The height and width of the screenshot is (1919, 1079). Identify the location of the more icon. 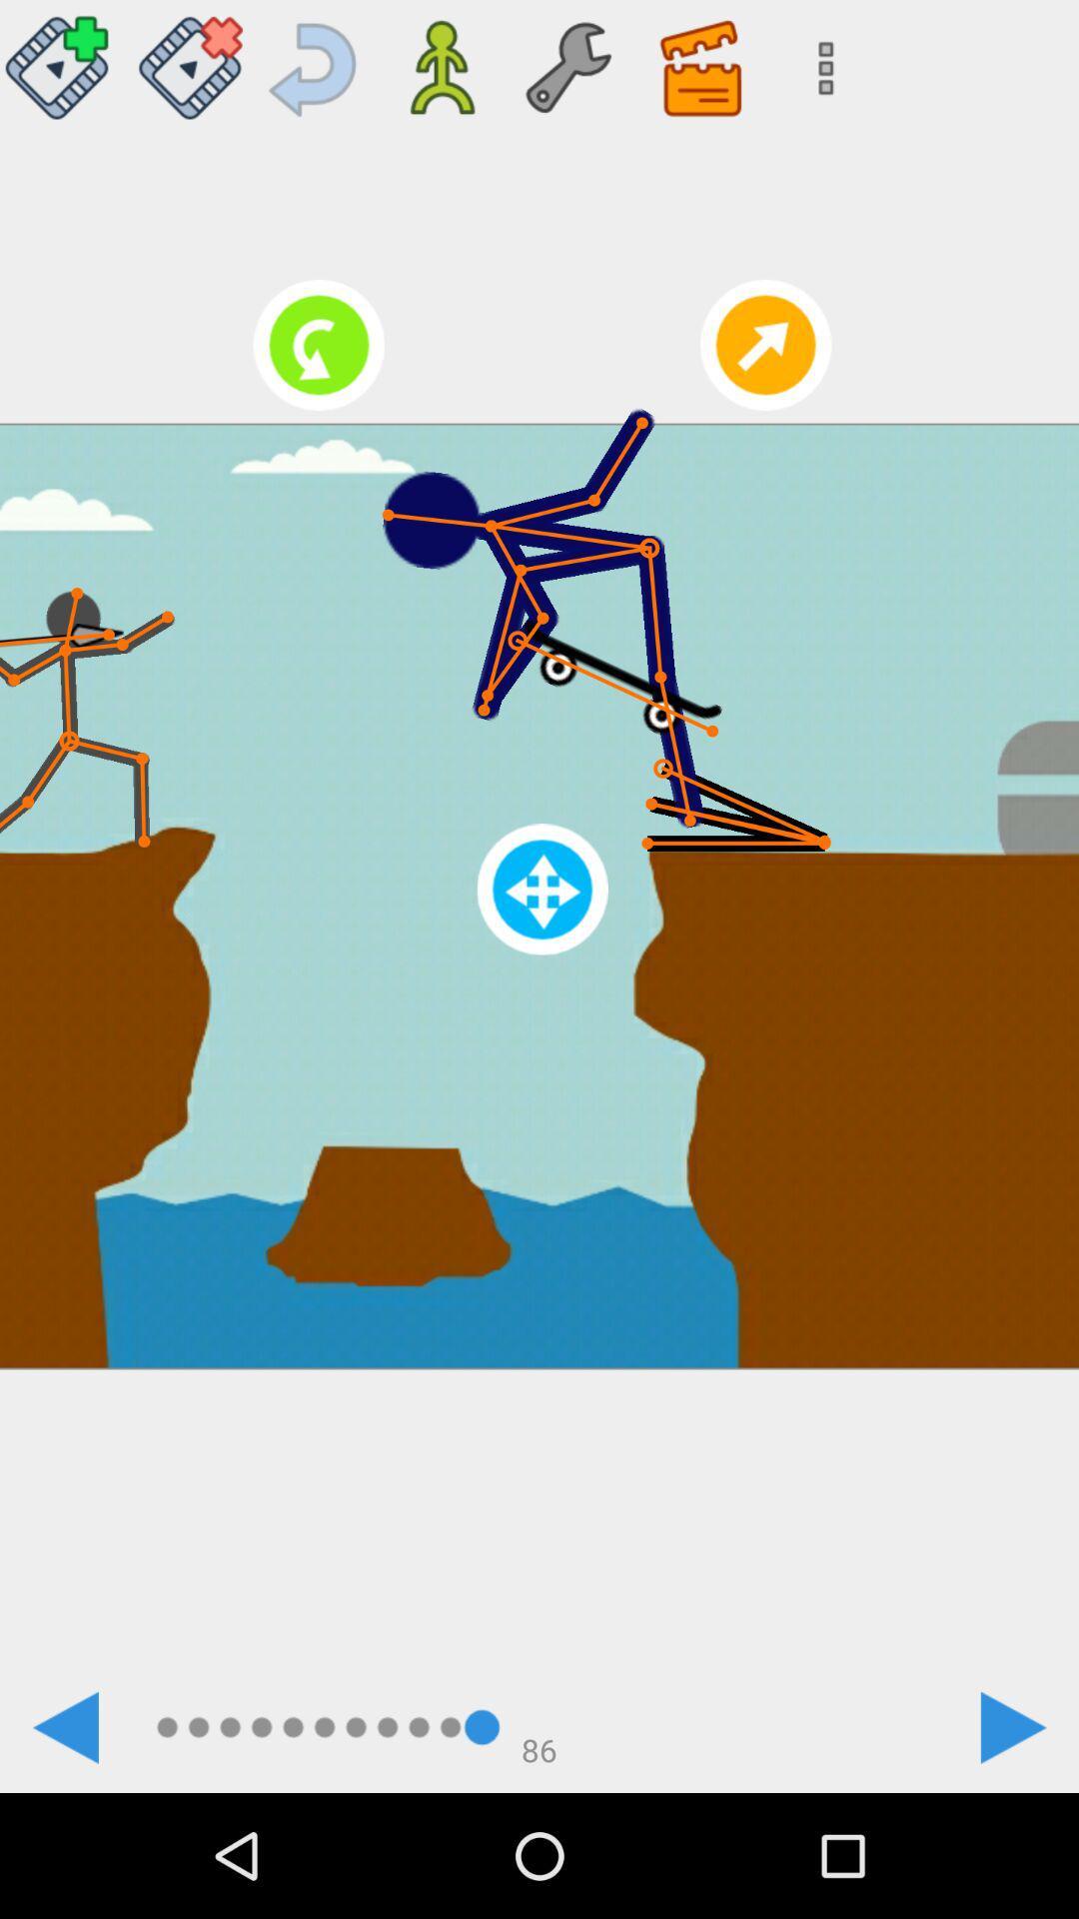
(819, 60).